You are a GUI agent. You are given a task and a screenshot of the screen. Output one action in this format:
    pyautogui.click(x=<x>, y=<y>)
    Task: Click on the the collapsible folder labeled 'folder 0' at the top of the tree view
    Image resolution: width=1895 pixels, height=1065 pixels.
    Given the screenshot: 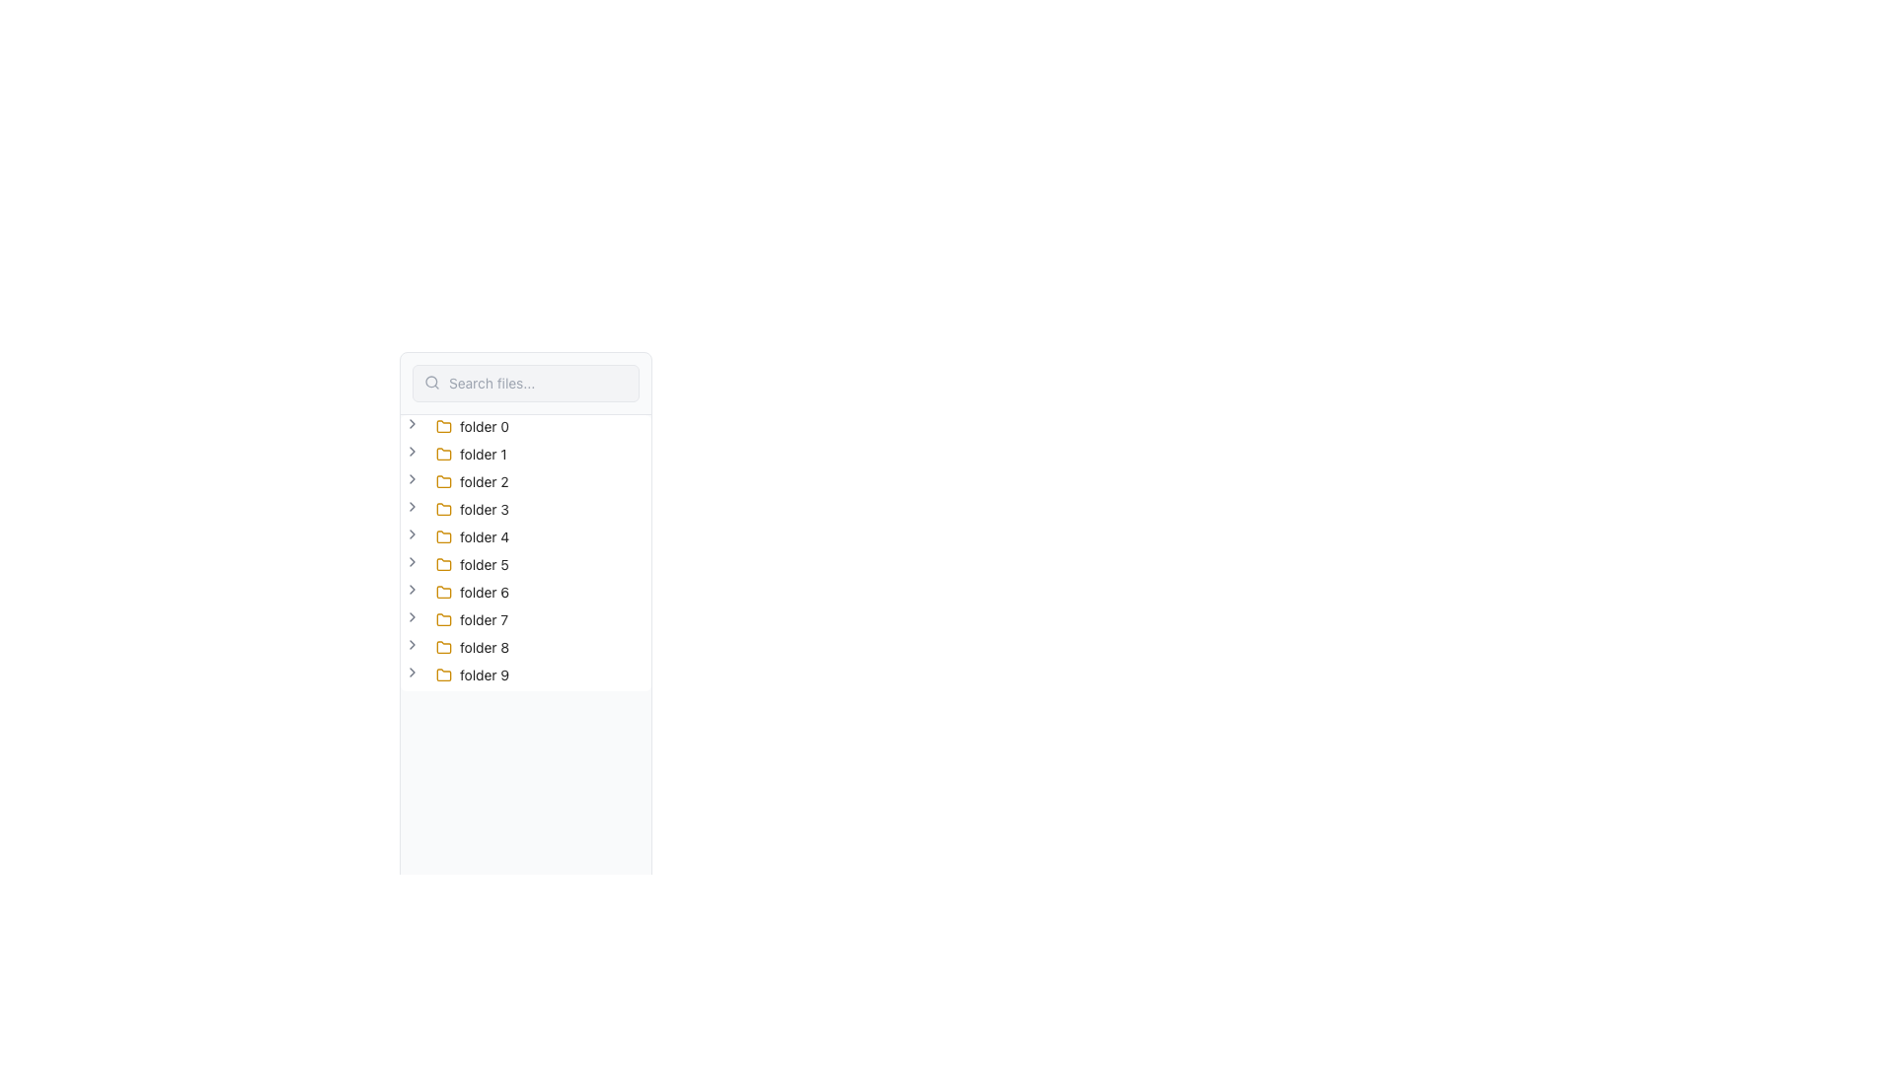 What is the action you would take?
    pyautogui.click(x=458, y=425)
    